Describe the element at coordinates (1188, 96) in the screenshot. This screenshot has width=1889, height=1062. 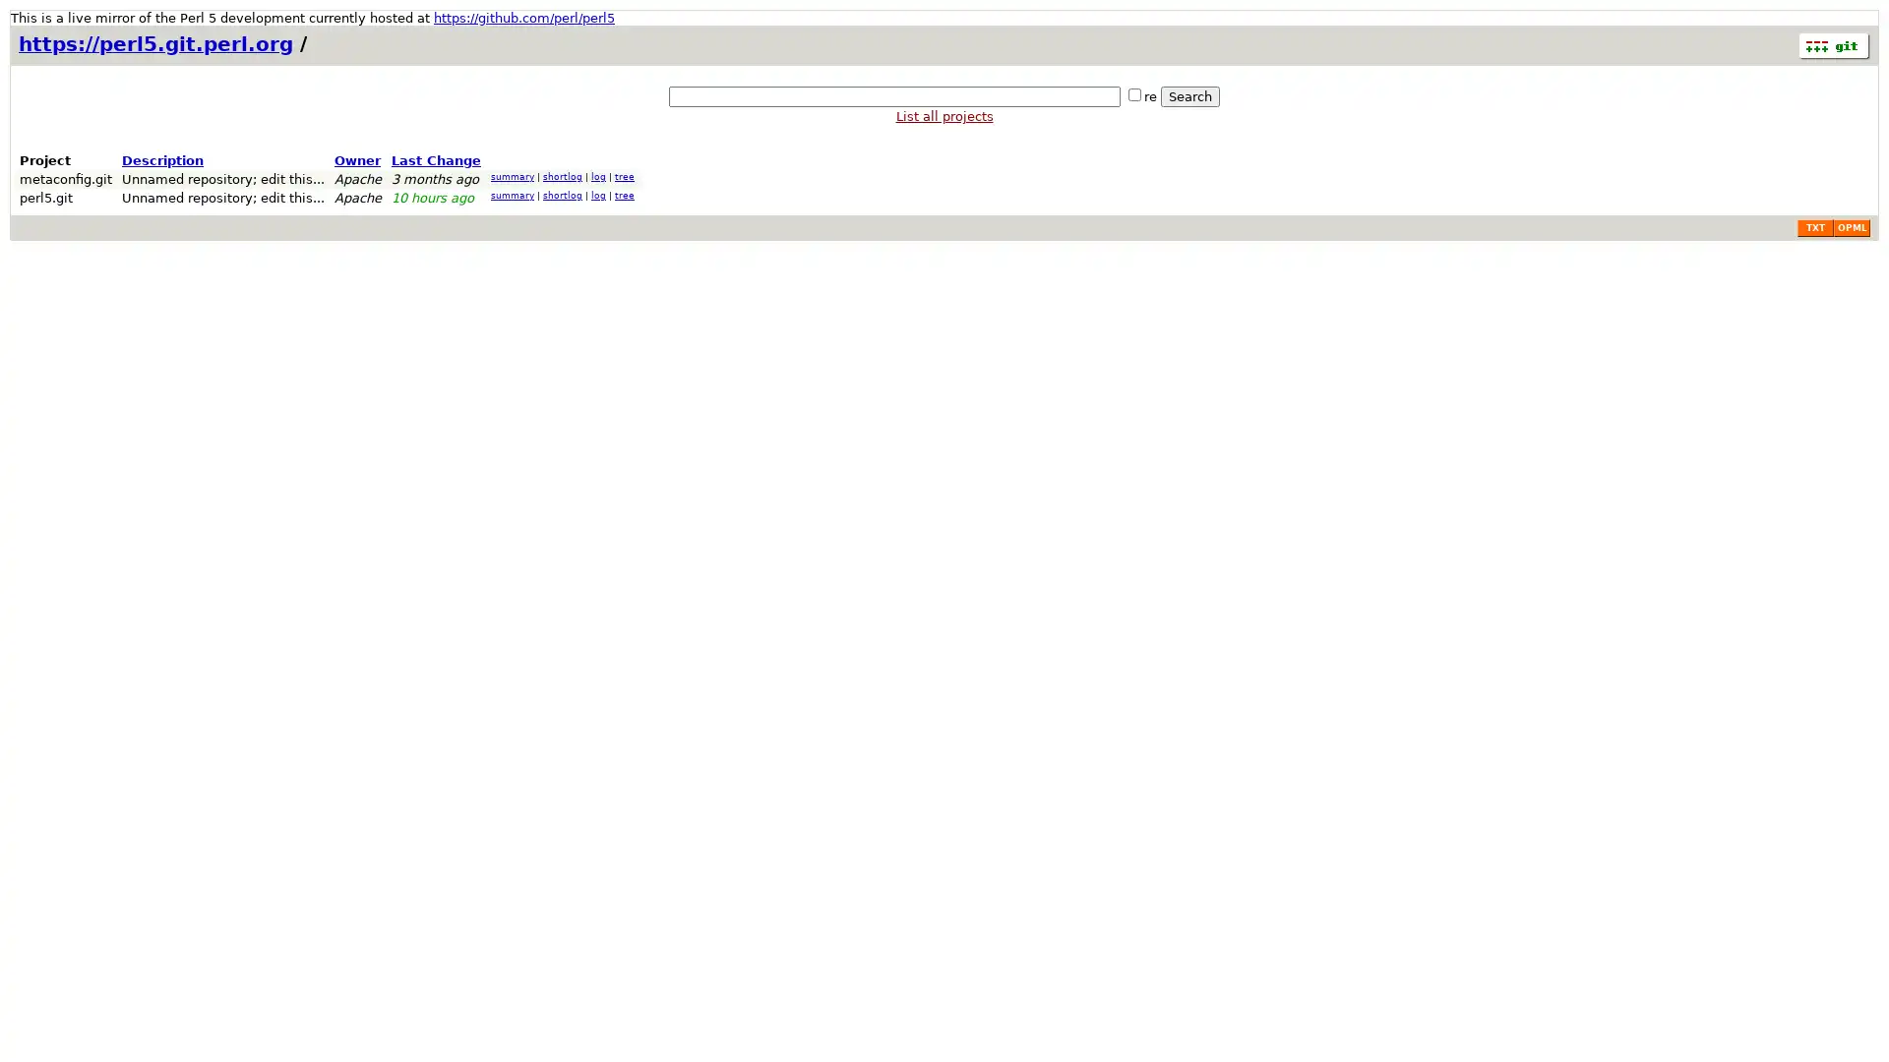
I see `Search` at that location.